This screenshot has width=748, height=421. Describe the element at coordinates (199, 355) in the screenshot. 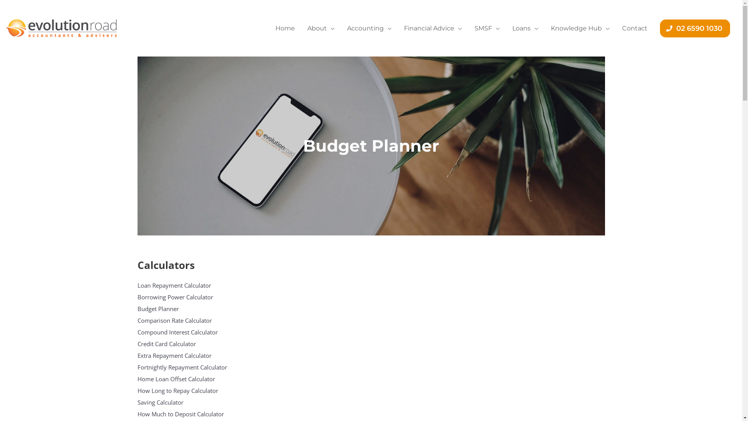

I see `'Extra Repayment Calculator'` at that location.